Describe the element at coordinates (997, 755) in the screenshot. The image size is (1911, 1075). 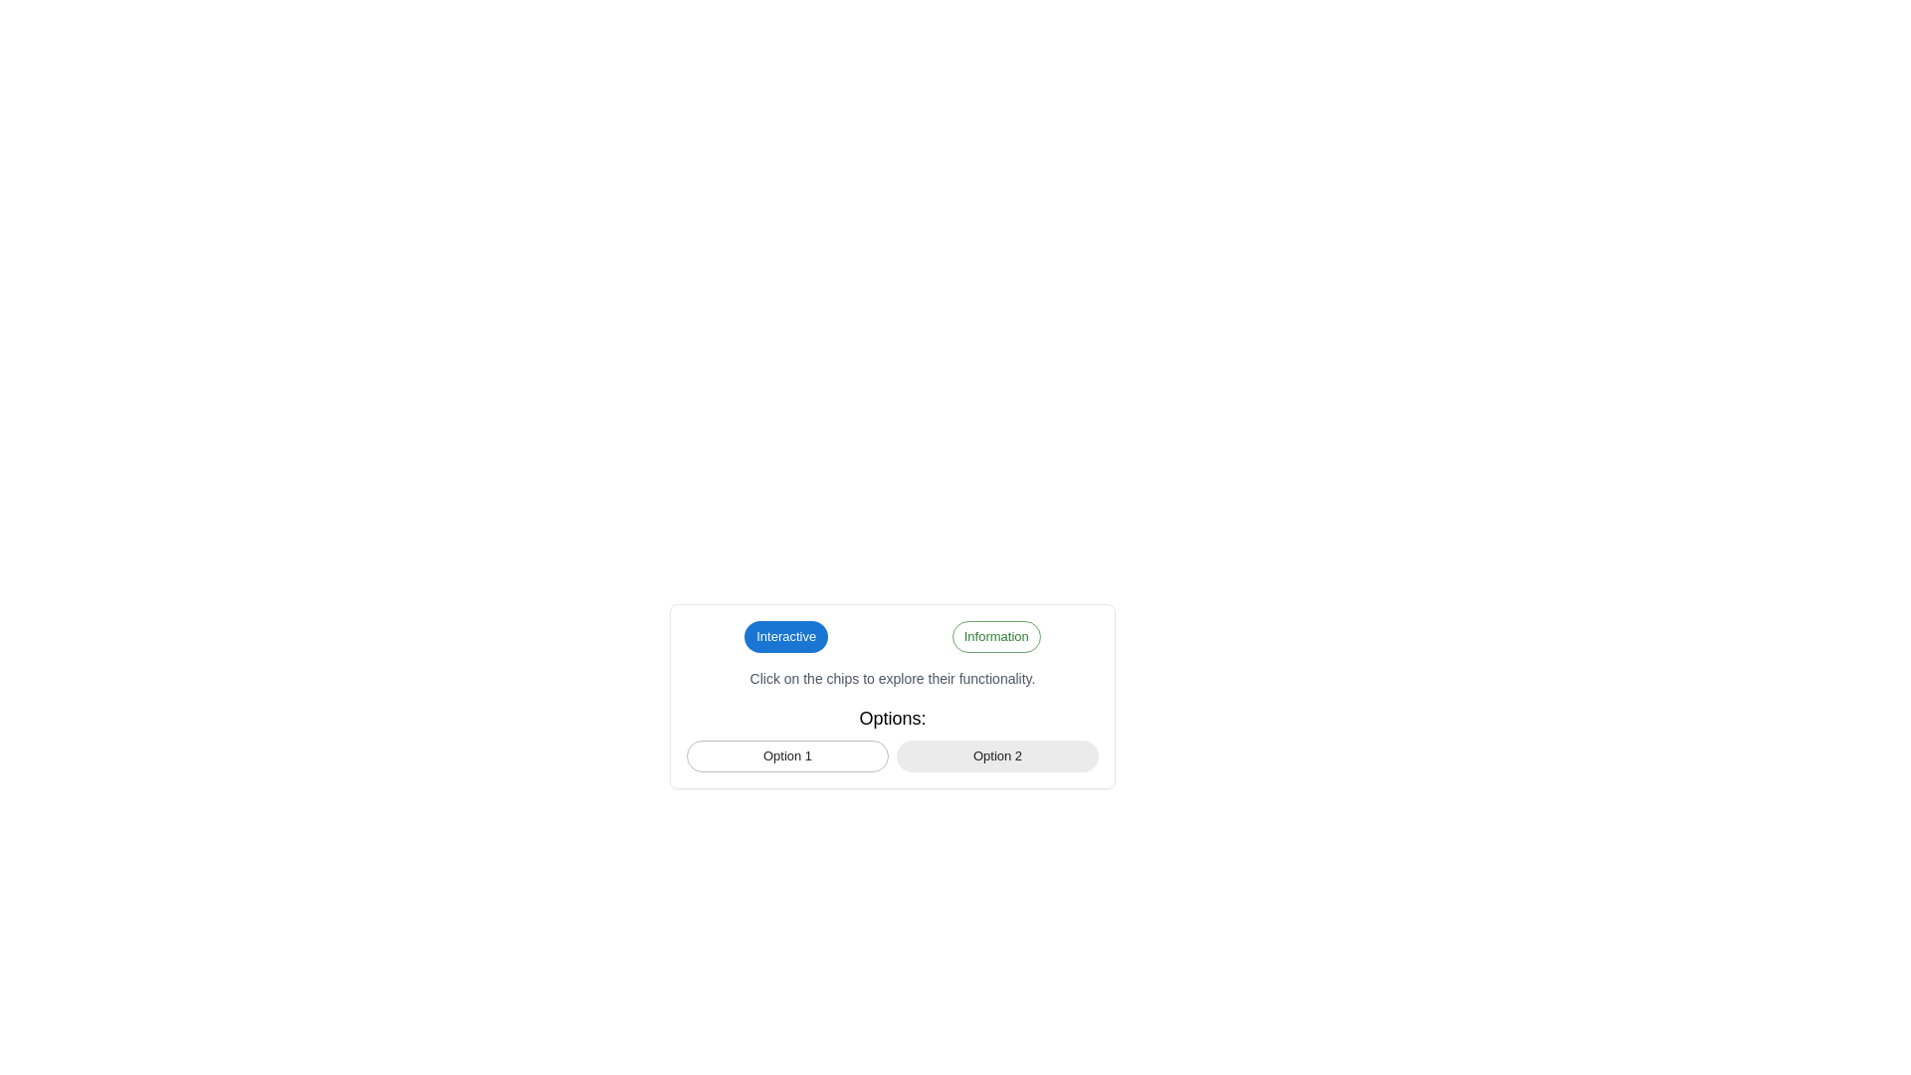
I see `the selectable chip located to the right of 'Option 1'` at that location.